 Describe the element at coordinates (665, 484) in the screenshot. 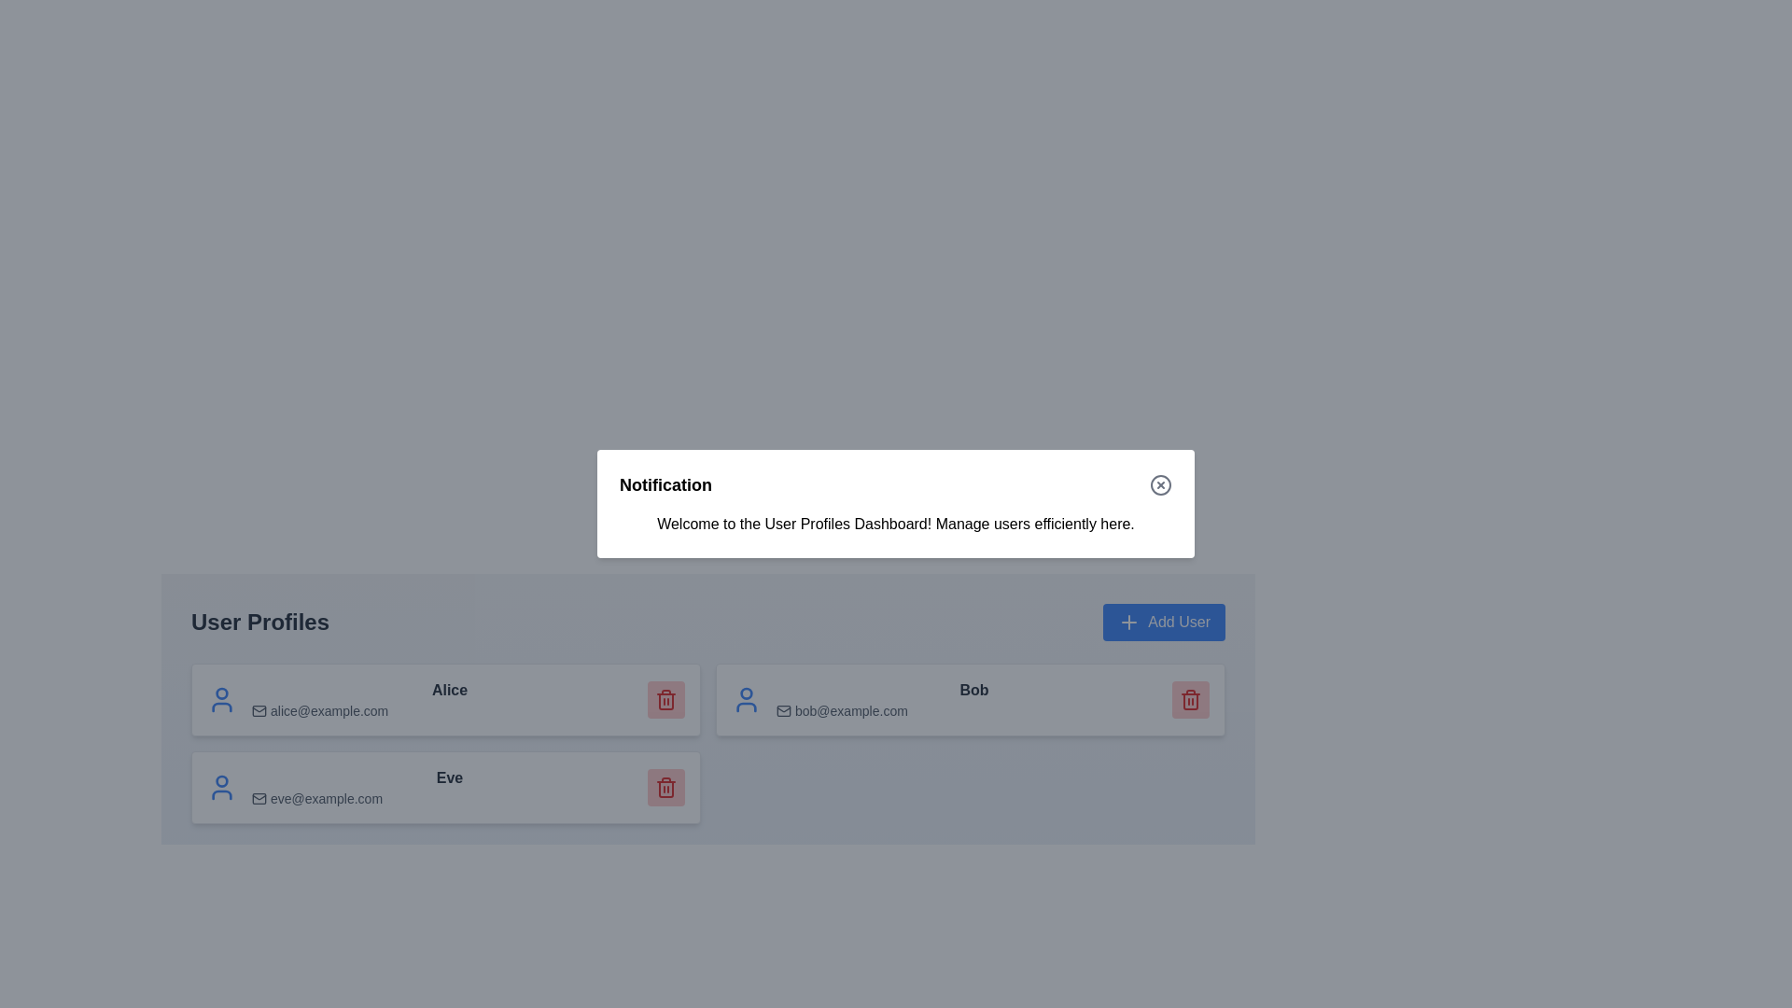

I see `the prominent 'Notification' text label located at the top-left corner of the white notification panel` at that location.